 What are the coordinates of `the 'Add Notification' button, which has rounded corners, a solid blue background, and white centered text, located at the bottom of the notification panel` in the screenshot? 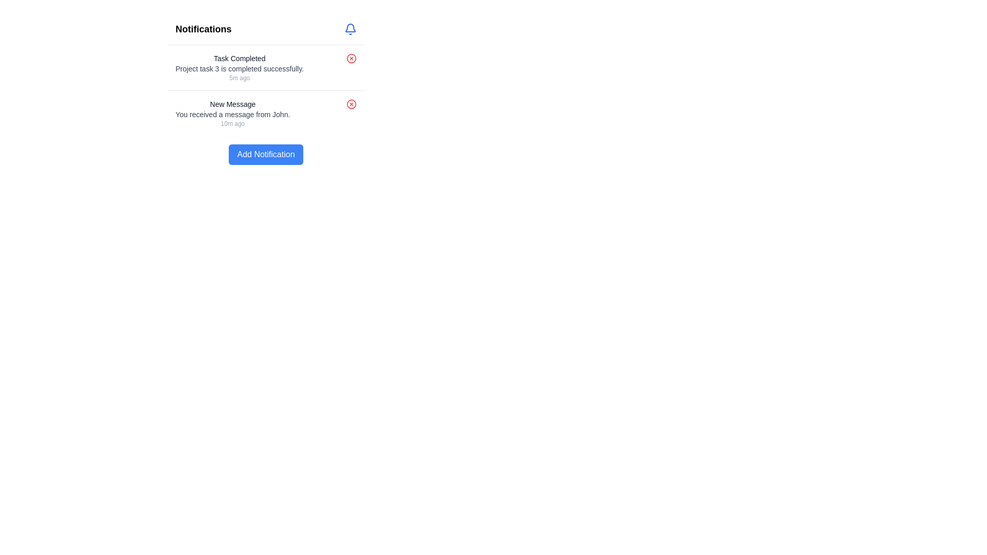 It's located at (266, 154).